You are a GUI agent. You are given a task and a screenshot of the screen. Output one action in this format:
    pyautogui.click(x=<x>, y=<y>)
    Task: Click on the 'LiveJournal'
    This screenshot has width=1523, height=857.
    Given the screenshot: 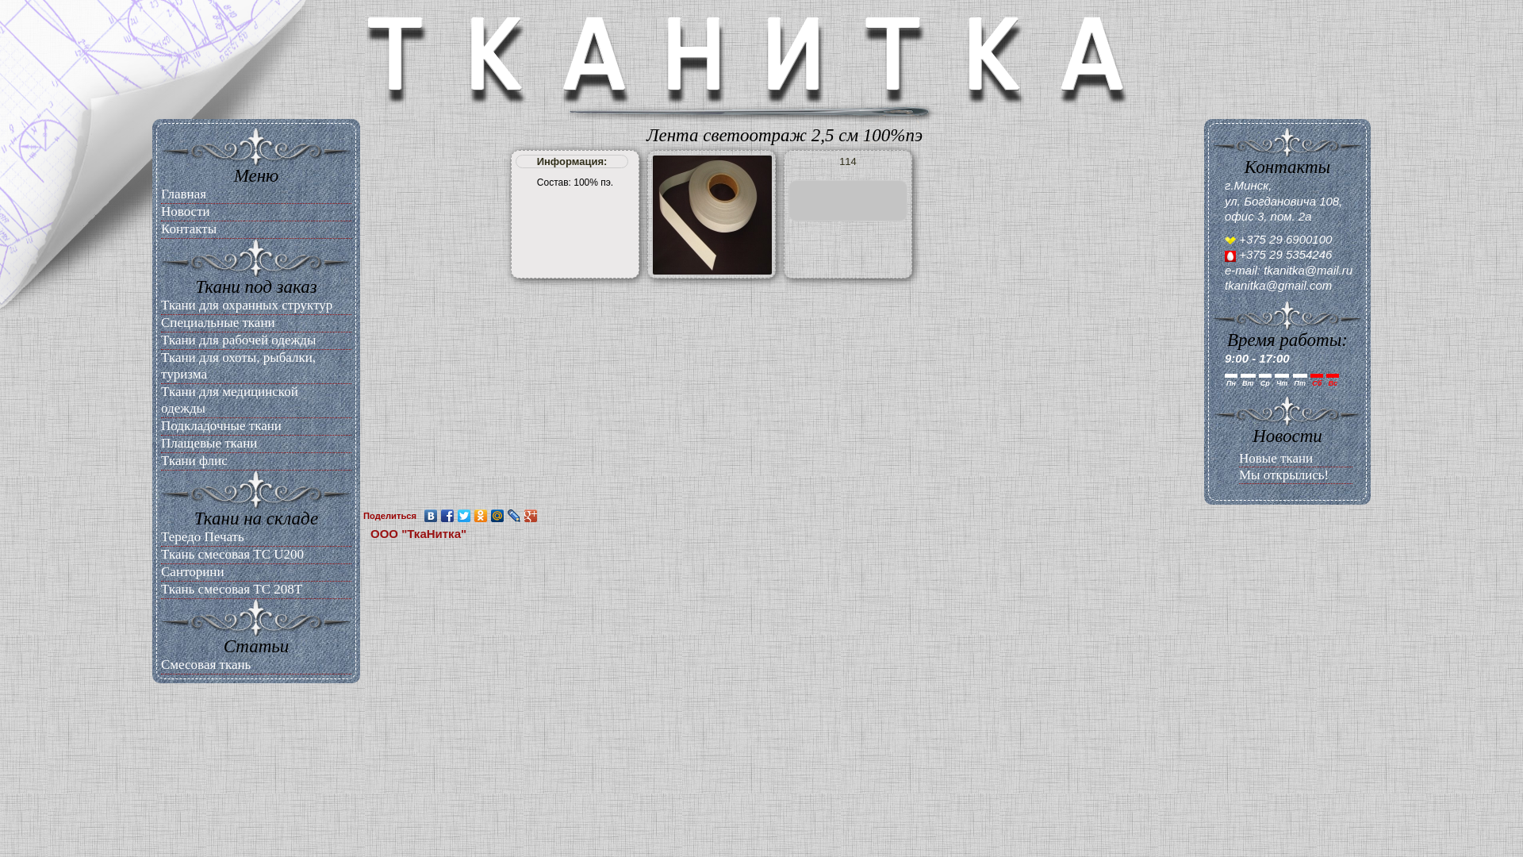 What is the action you would take?
    pyautogui.click(x=514, y=516)
    